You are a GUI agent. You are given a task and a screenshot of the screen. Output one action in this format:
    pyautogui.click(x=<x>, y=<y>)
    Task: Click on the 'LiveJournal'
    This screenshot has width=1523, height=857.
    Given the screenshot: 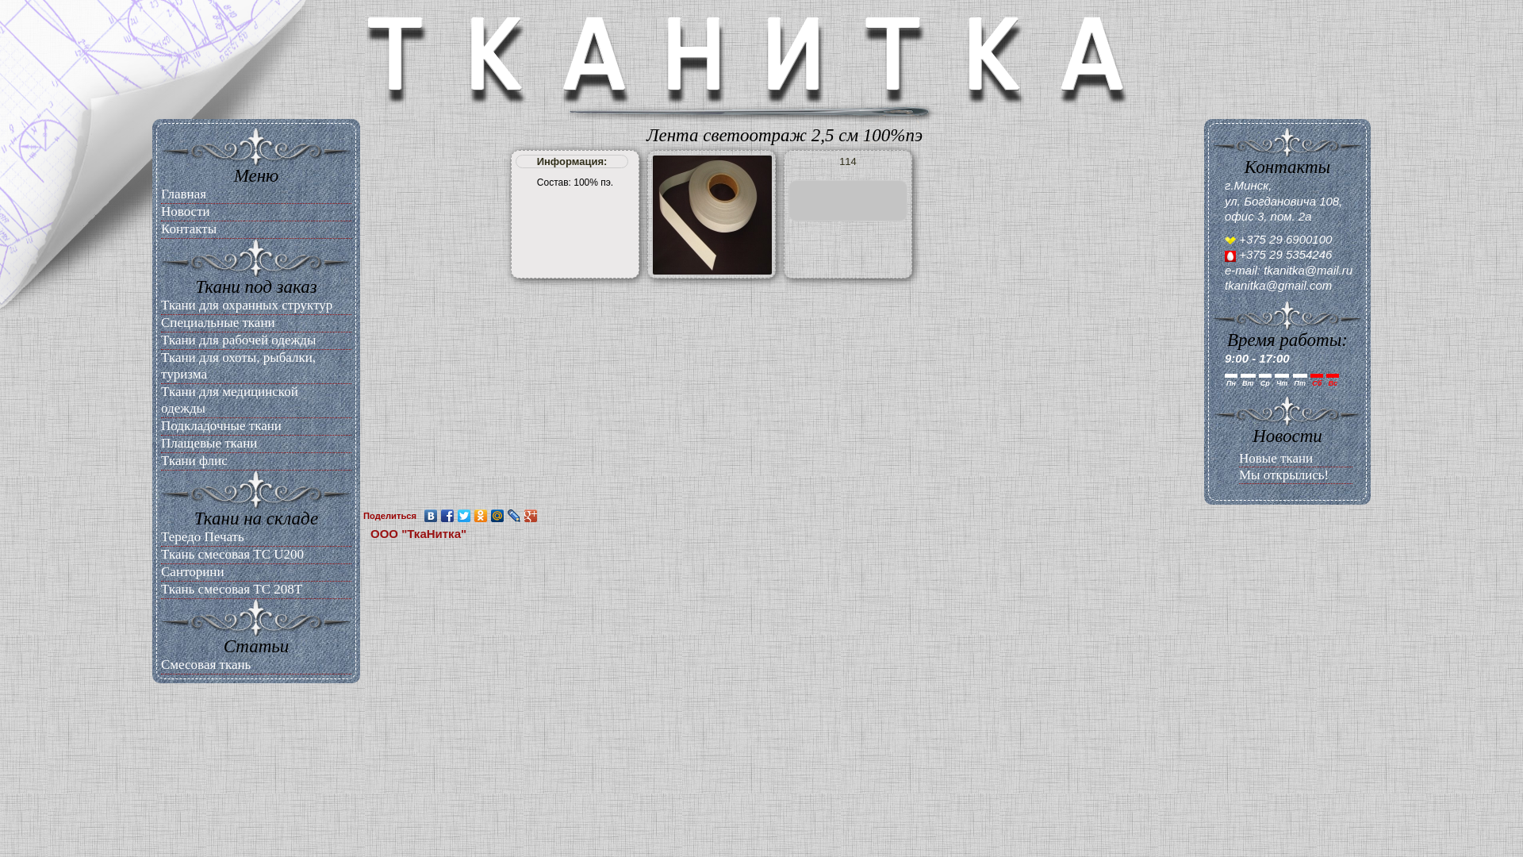 What is the action you would take?
    pyautogui.click(x=514, y=516)
    